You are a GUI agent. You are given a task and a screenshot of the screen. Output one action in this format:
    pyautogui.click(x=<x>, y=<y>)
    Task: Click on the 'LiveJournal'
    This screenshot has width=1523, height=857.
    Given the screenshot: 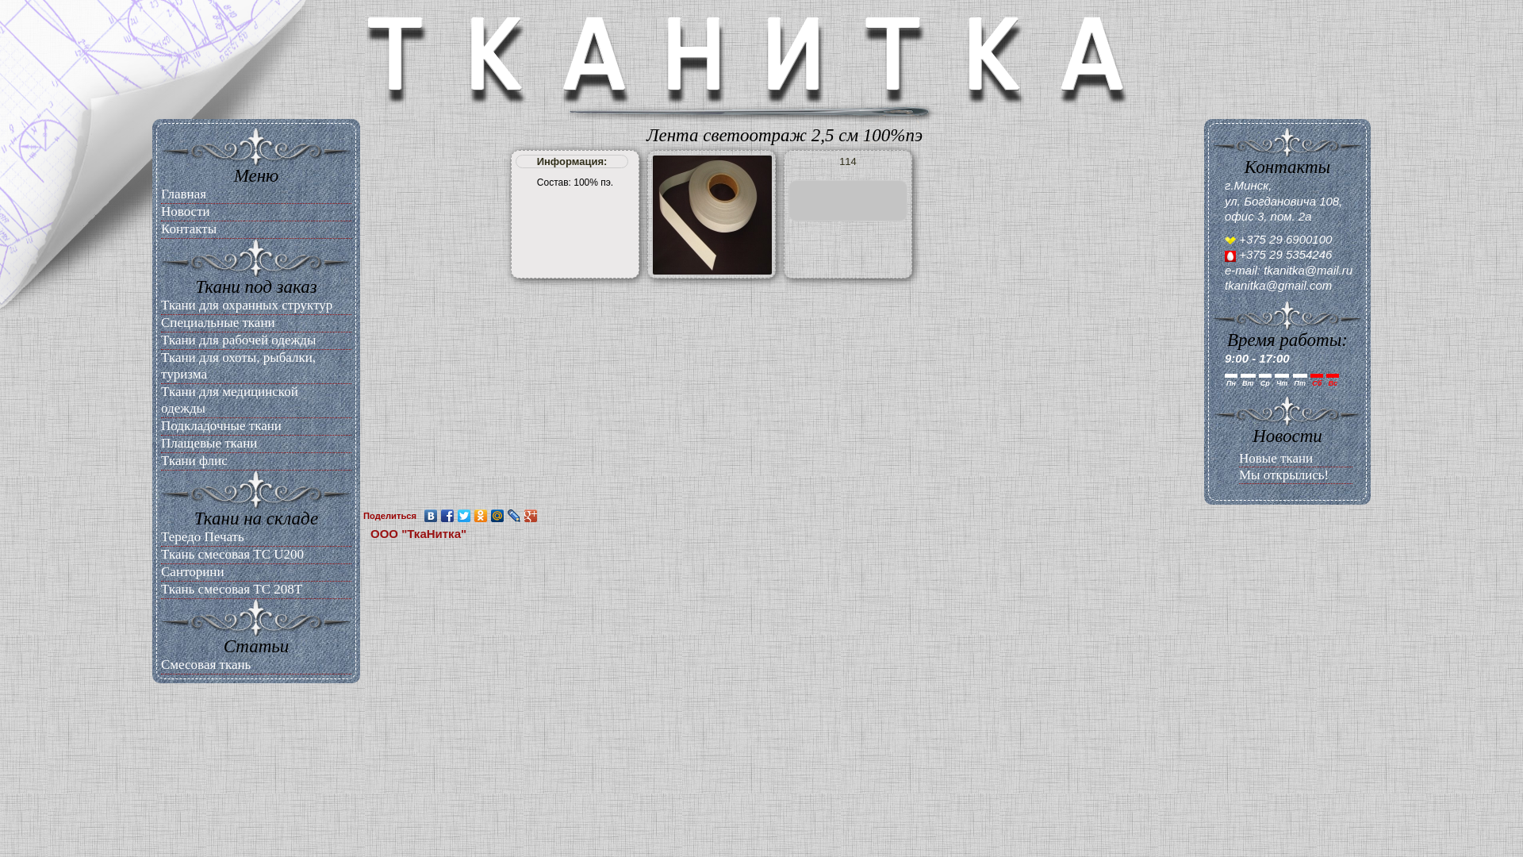 What is the action you would take?
    pyautogui.click(x=514, y=516)
    